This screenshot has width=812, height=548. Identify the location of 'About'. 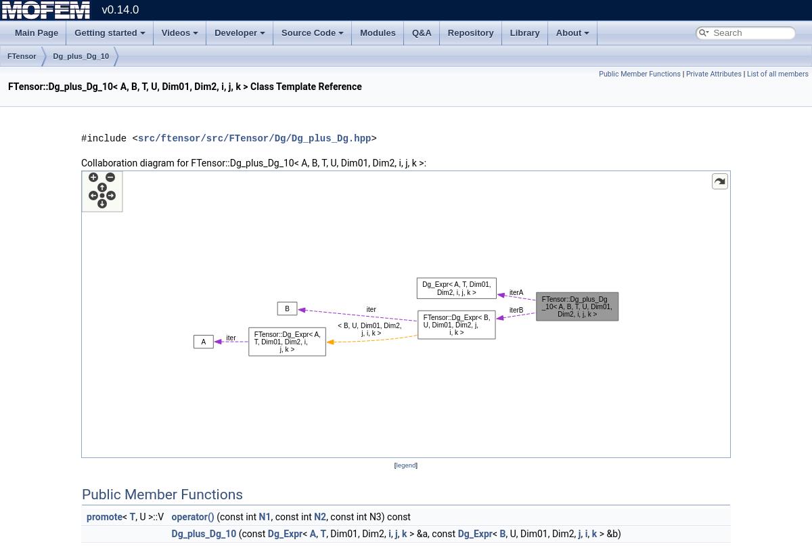
(568, 32).